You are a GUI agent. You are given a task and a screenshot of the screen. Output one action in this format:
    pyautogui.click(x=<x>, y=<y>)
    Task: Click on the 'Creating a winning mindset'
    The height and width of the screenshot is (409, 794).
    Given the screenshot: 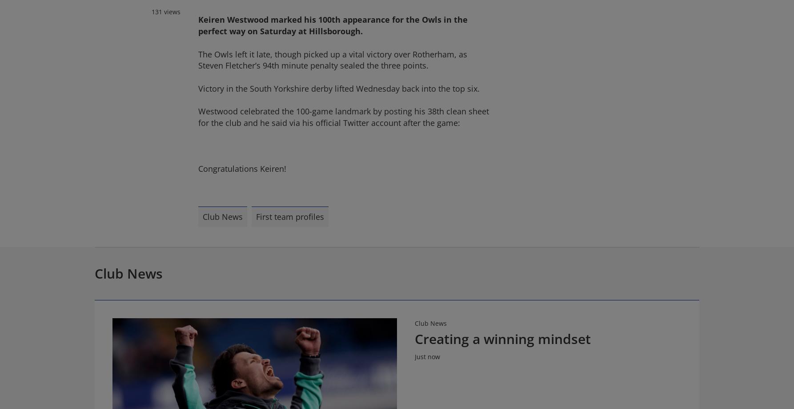 What is the action you would take?
    pyautogui.click(x=415, y=338)
    